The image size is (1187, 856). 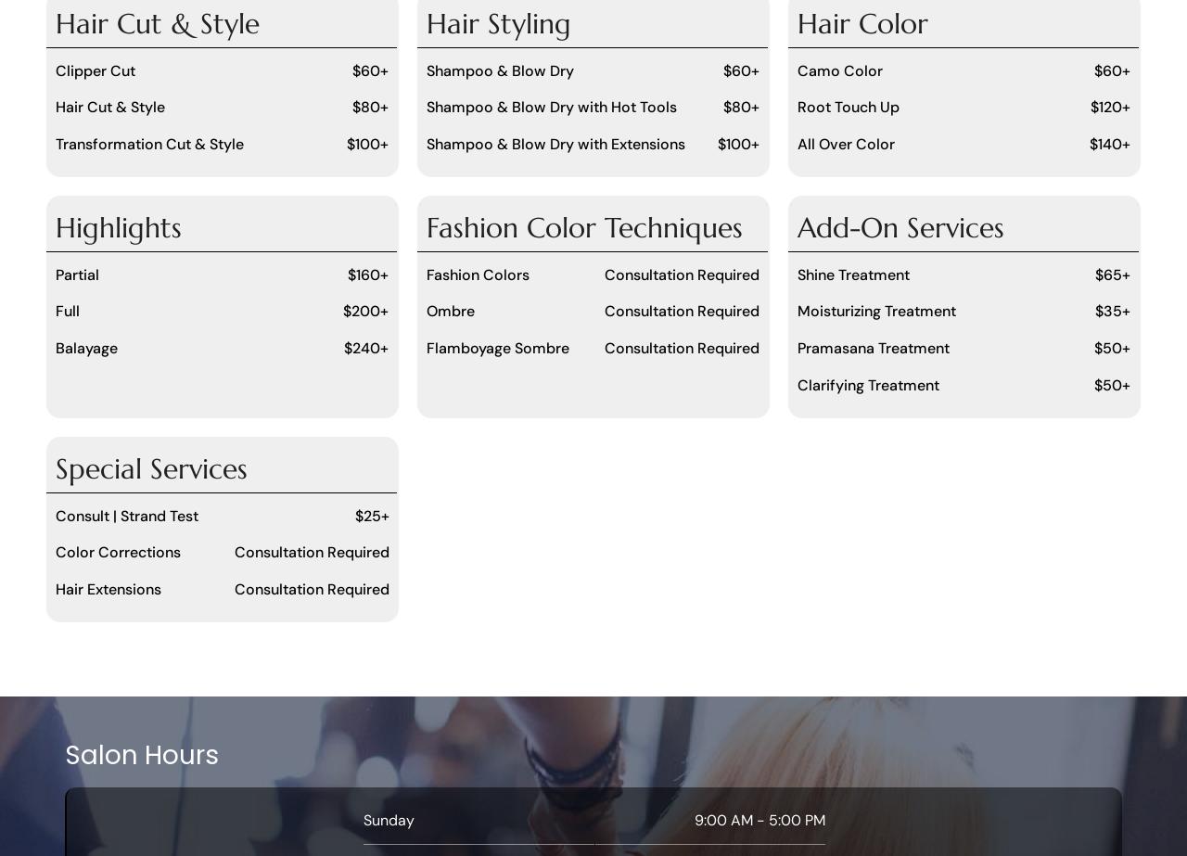 What do you see at coordinates (550, 107) in the screenshot?
I see `'Shampoo & Blow Dry with Hot Tools'` at bounding box center [550, 107].